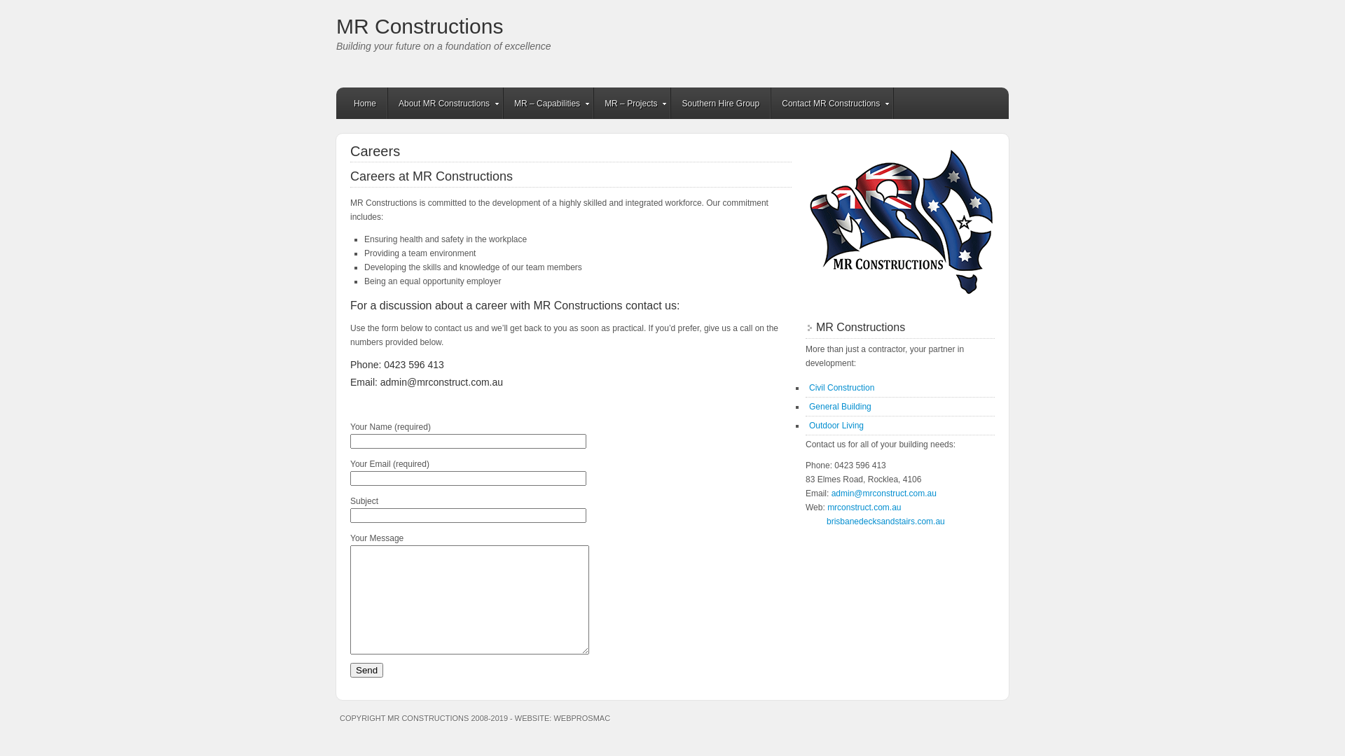  I want to click on 'General Building', so click(840, 407).